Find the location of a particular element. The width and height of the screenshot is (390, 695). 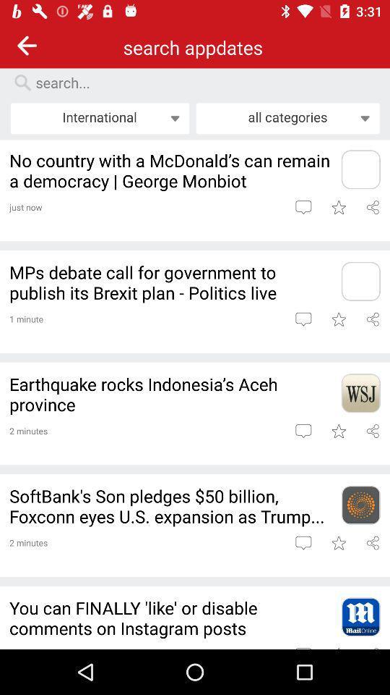

the item to the right of international is located at coordinates (287, 117).